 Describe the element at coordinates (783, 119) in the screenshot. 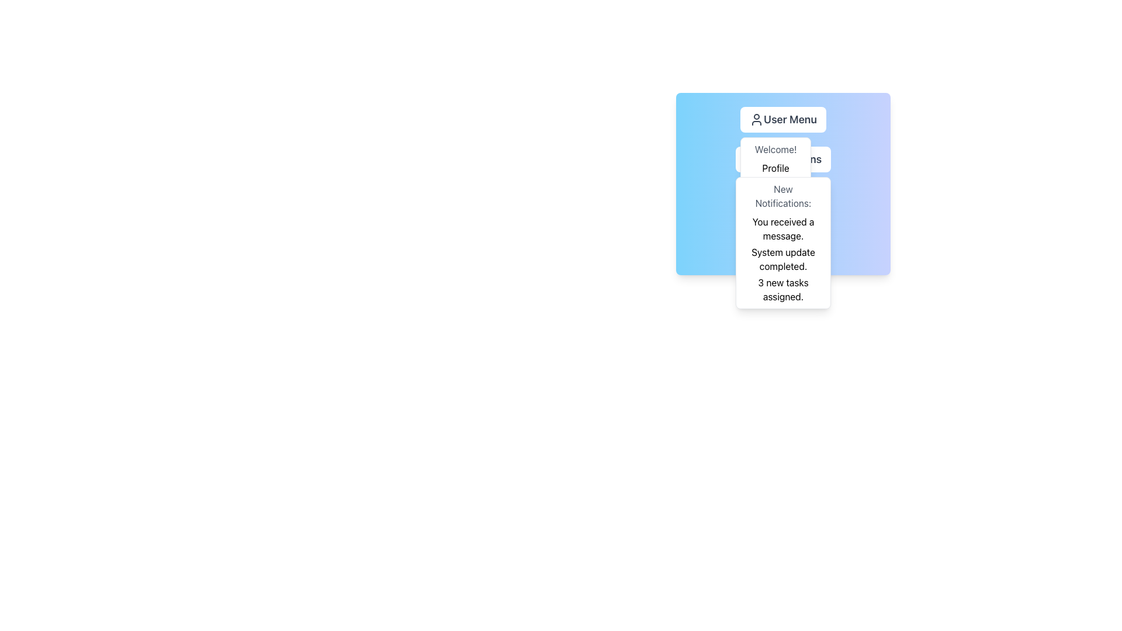

I see `the 'User Menu' button, which features an icon of a user and is located above the 'Welcome!' dropdown menu` at that location.